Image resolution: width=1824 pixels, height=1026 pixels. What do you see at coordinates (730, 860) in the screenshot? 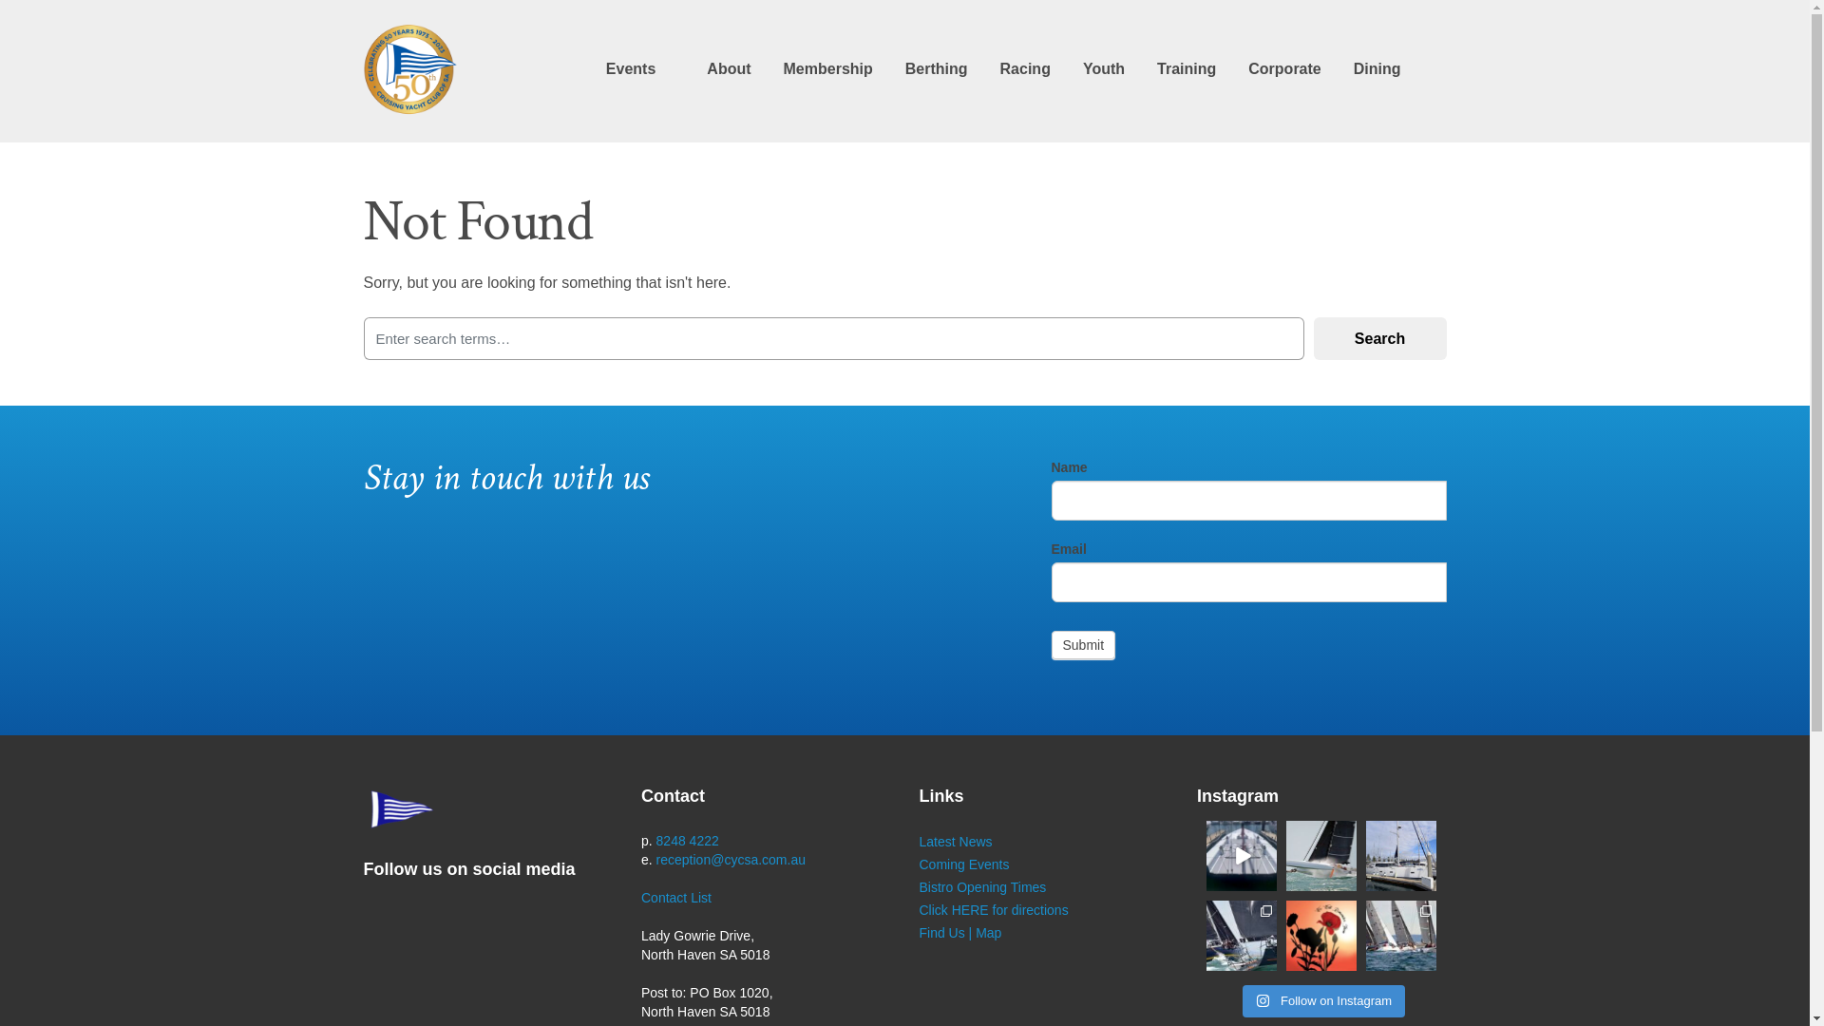
I see `'reception@cycsa.com.au'` at bounding box center [730, 860].